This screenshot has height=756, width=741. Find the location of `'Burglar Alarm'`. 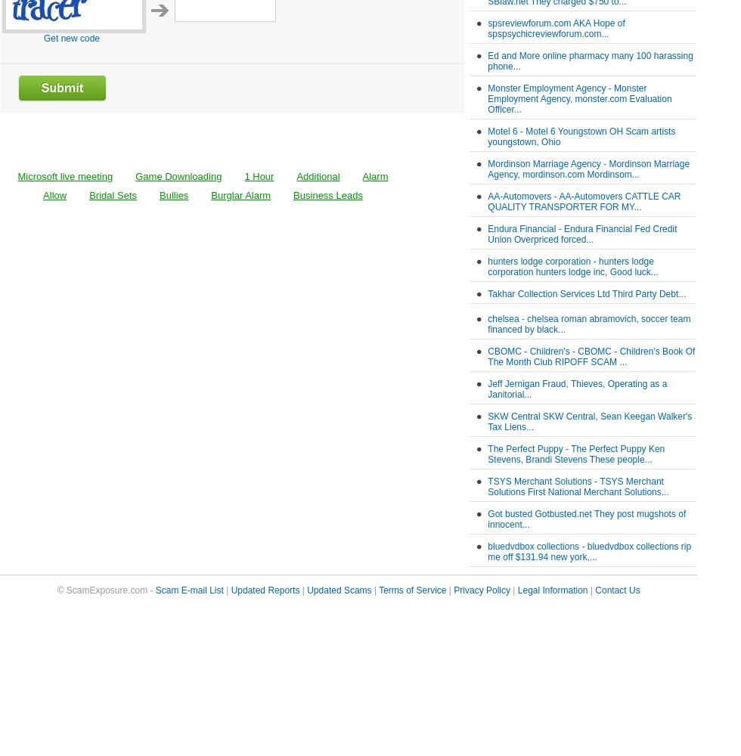

'Burglar Alarm' is located at coordinates (240, 195).